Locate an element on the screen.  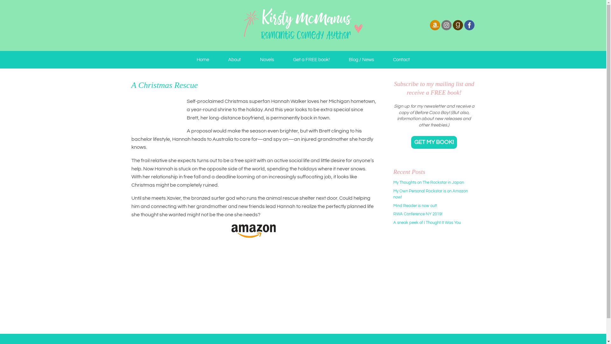
'Advertisement' is located at coordinates (433, 280).